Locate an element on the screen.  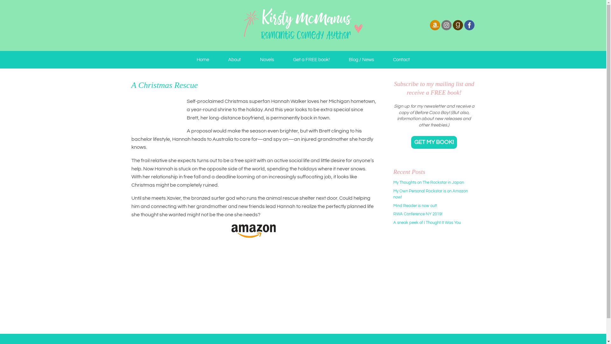
'Advertisement' is located at coordinates (433, 280).